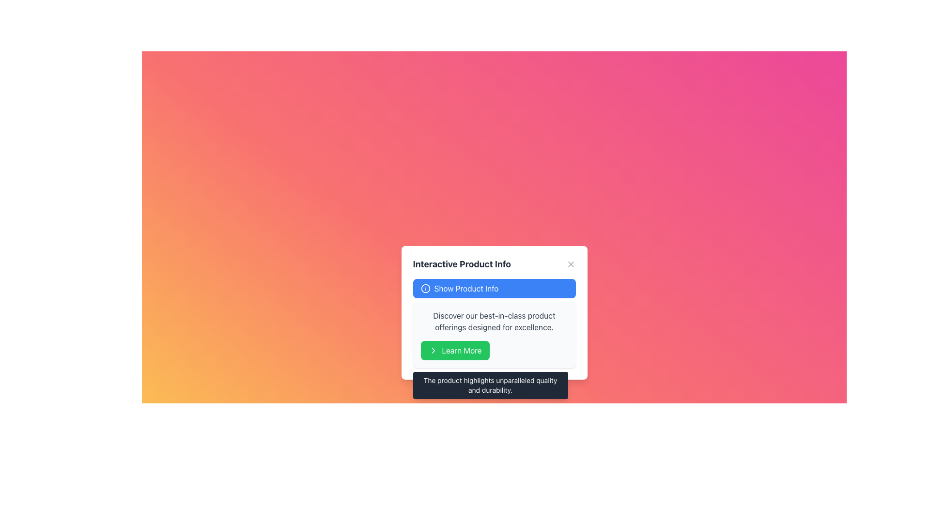  Describe the element at coordinates (494, 288) in the screenshot. I see `the 'Show Product Info' button with a blue background and a white 'info' icon` at that location.